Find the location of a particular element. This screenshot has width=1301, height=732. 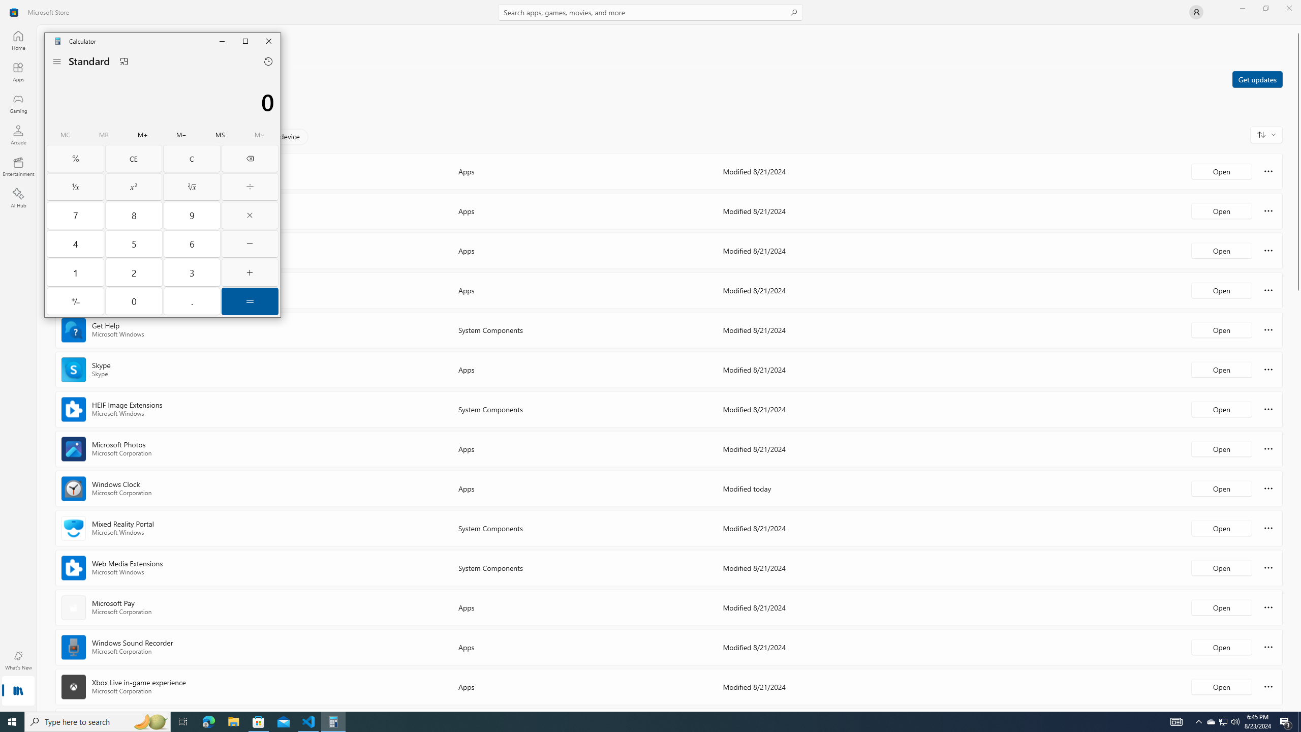

'Vertical Small Increase' is located at coordinates (1297, 708).